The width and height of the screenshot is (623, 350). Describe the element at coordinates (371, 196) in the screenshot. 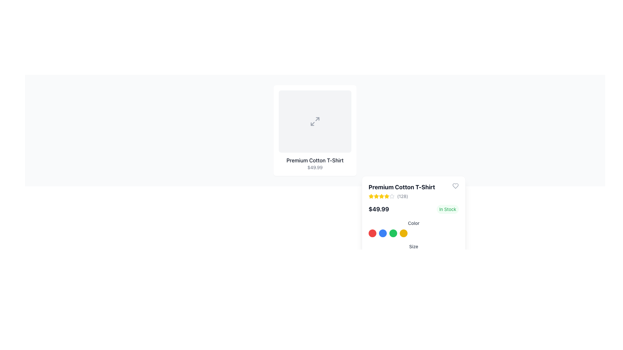

I see `the first star icon in the star rating system, which represents the filled star in a five-star scale located below the product title` at that location.